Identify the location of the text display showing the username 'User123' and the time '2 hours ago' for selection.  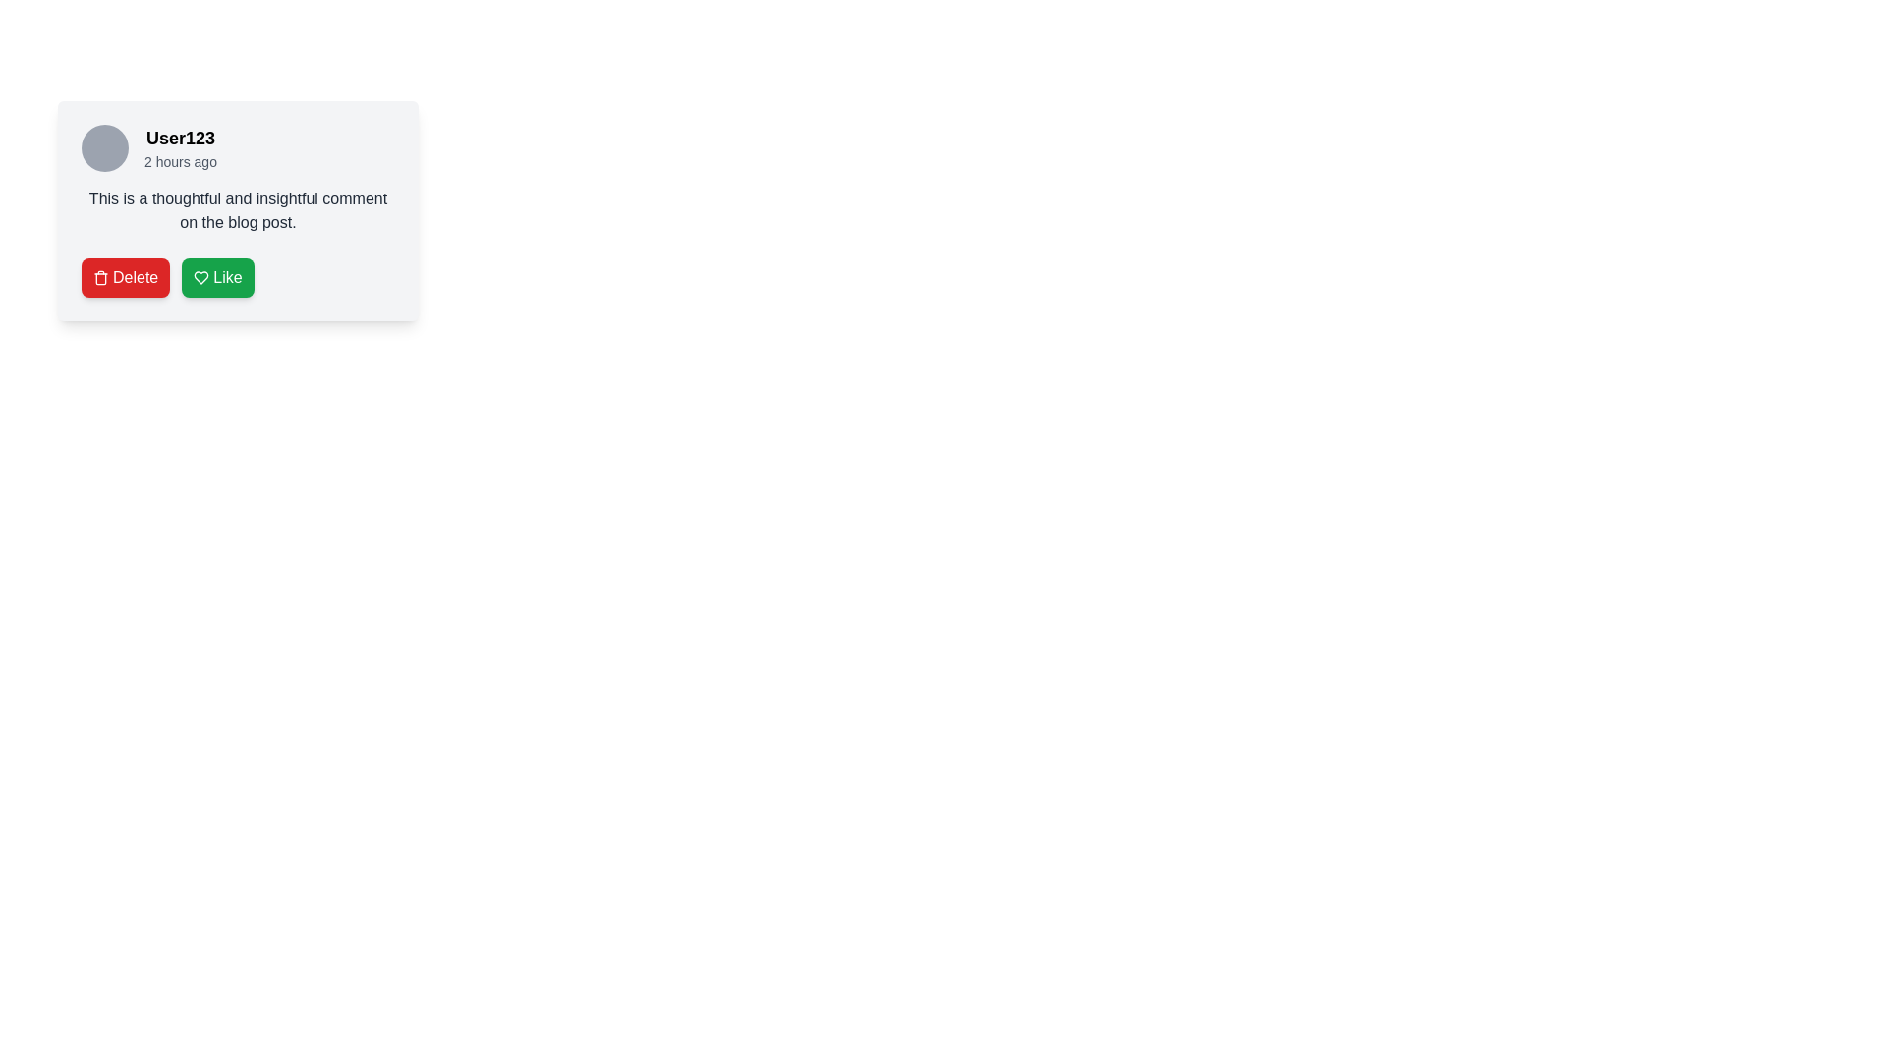
(180, 146).